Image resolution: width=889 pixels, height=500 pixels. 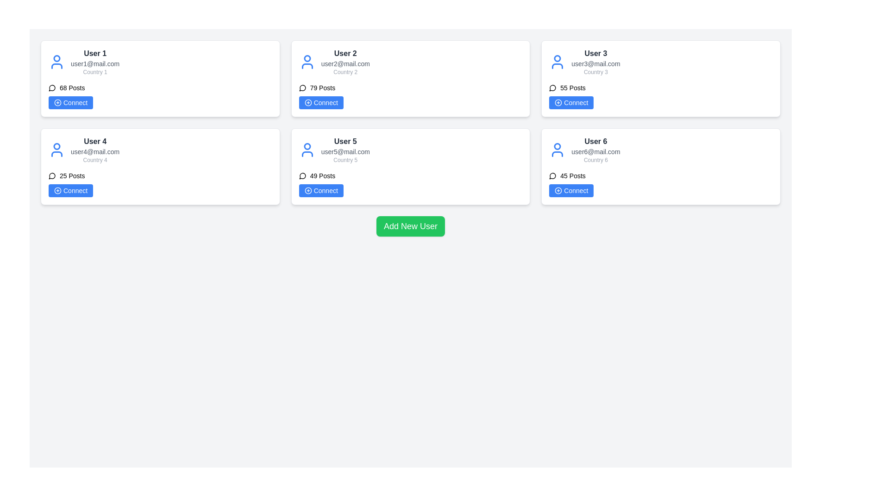 I want to click on the text label that displays 'Country 1', which is located in the bottom-most section of the user information card for 'User 1', under the email 'user1@mail.com' and above the posts section, so click(x=95, y=71).